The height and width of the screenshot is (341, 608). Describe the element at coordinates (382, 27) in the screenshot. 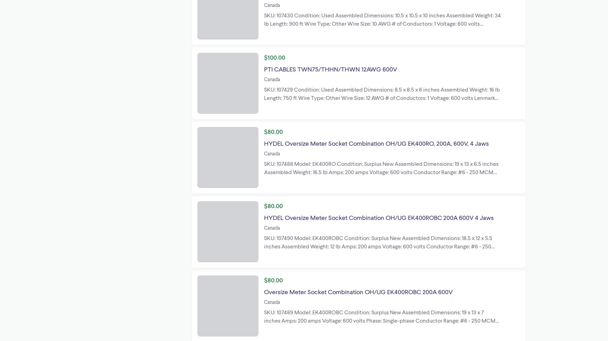

I see `'SKU: 107430 Condition: Used Assembled Dimensions: 10.5 x 10.5 x 10 inches Assembled Weight: 34 lb Length: 900 ft Wire Type: Other Wire Size: 10 AWG # of Conductors: 1 Voltage: 600 volts Lenmark Industries Ltd 27576 51a Ave Langley, British Columbia Canada V4W4A9 Tel: 604.449.1880 www.lenmark.com'` at that location.